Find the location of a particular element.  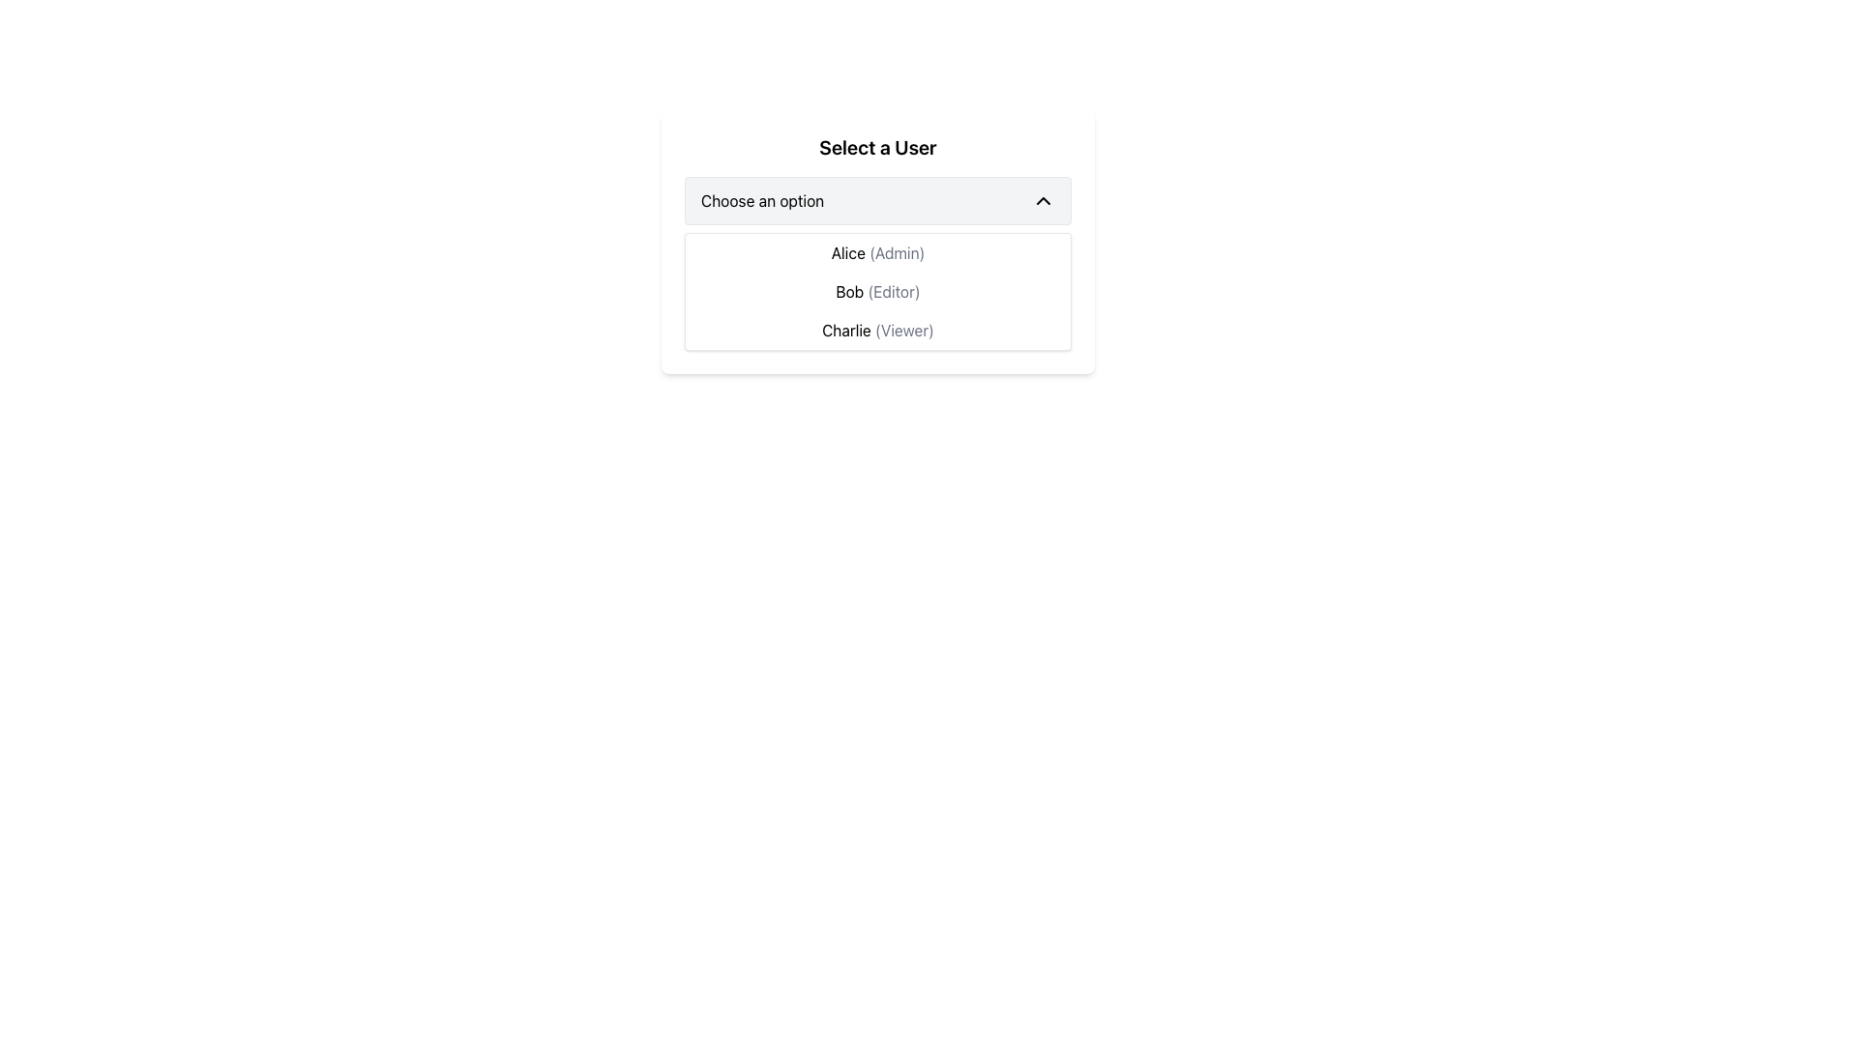

text content of the dropdown menu label that displays 'Choose an option' in black font on a light gray background is located at coordinates (761, 201).